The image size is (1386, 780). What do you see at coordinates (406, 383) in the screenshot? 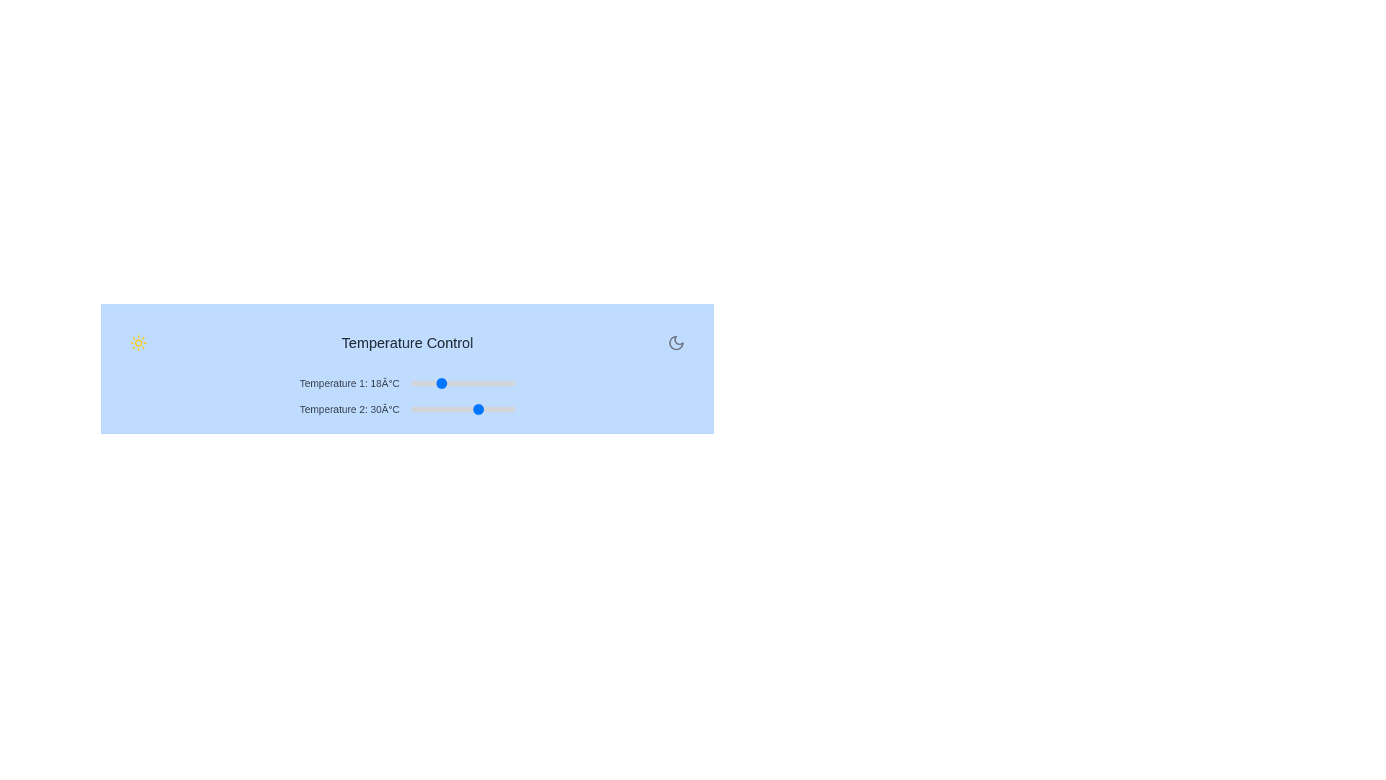
I see `the interactive slider for adjusting the temperature value of the first unit, which is positioned above 'Temperature 2: 30°C'` at bounding box center [406, 383].